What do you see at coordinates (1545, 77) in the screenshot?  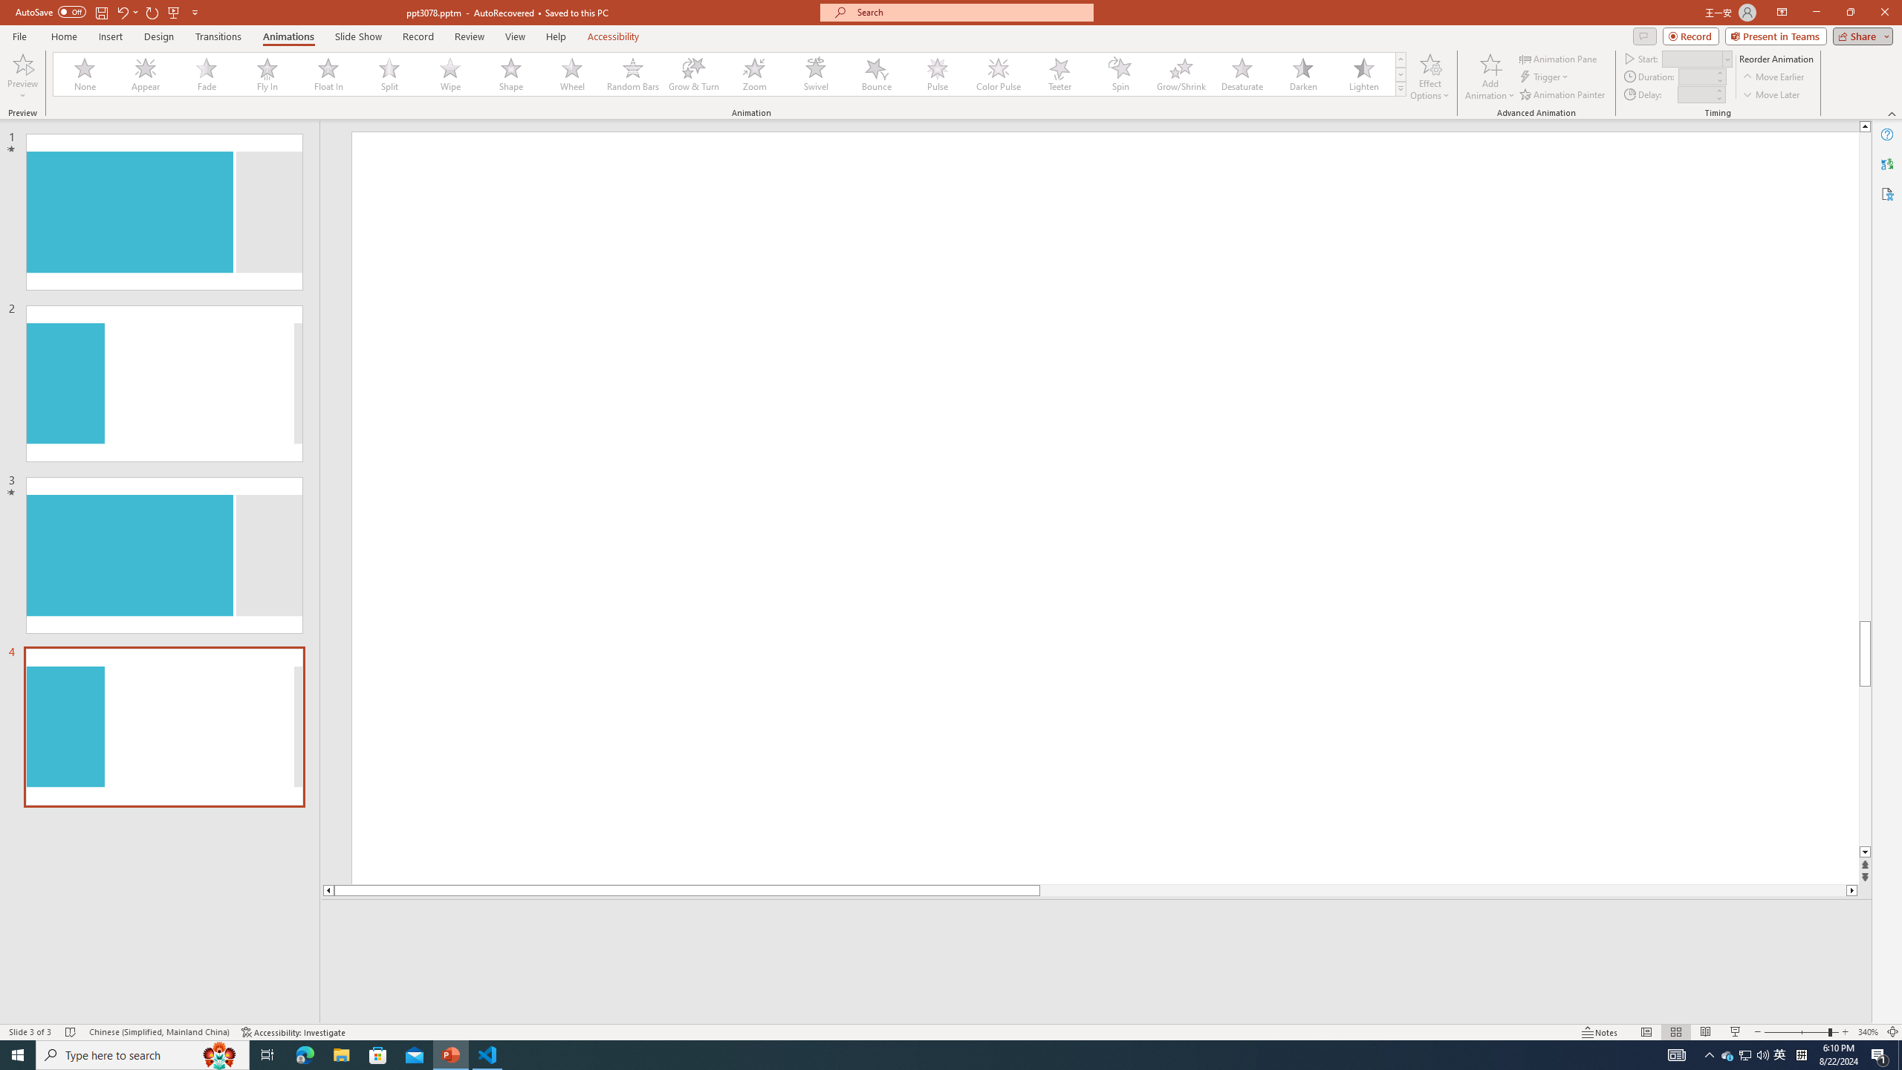 I see `'Trigger'` at bounding box center [1545, 77].